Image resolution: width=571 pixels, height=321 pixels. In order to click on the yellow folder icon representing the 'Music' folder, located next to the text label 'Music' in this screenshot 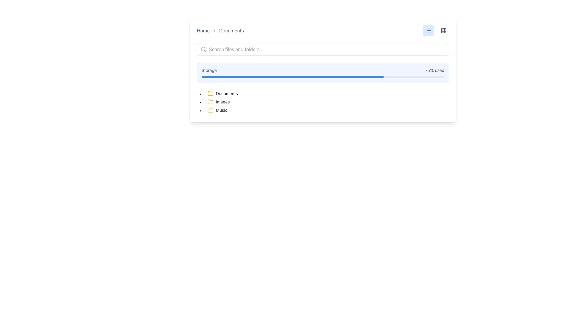, I will do `click(211, 110)`.